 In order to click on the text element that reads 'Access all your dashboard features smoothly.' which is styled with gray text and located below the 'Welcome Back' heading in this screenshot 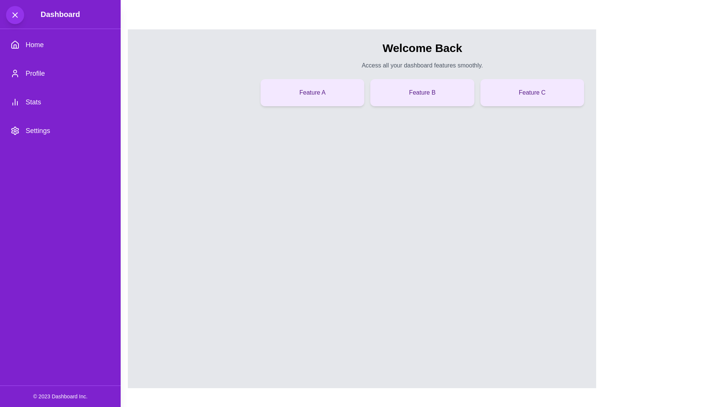, I will do `click(422, 65)`.